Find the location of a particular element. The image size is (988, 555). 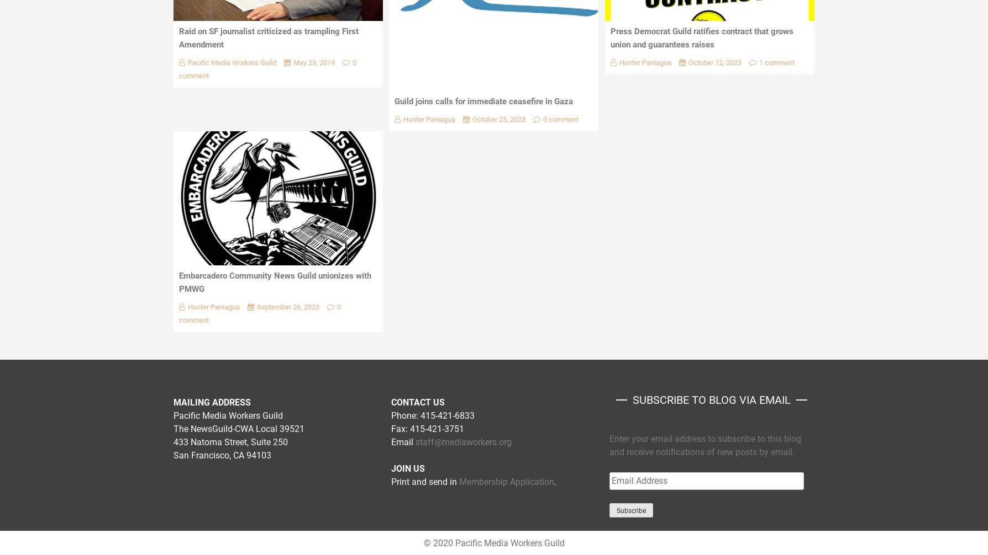

'Membership Application' is located at coordinates (507, 481).